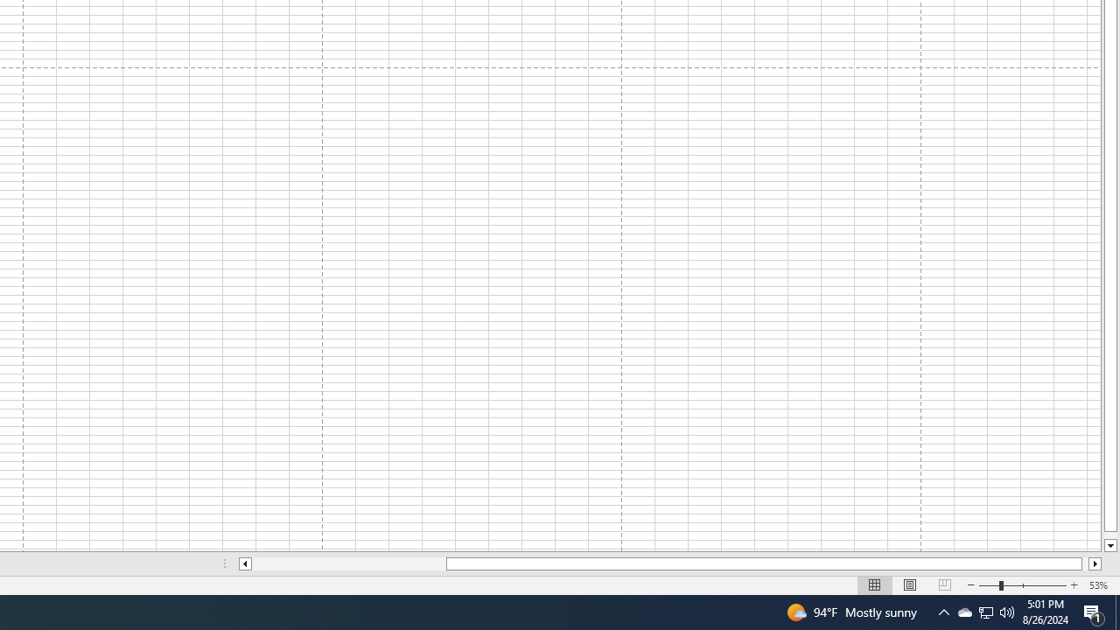  What do you see at coordinates (1109, 545) in the screenshot?
I see `'Line down'` at bounding box center [1109, 545].